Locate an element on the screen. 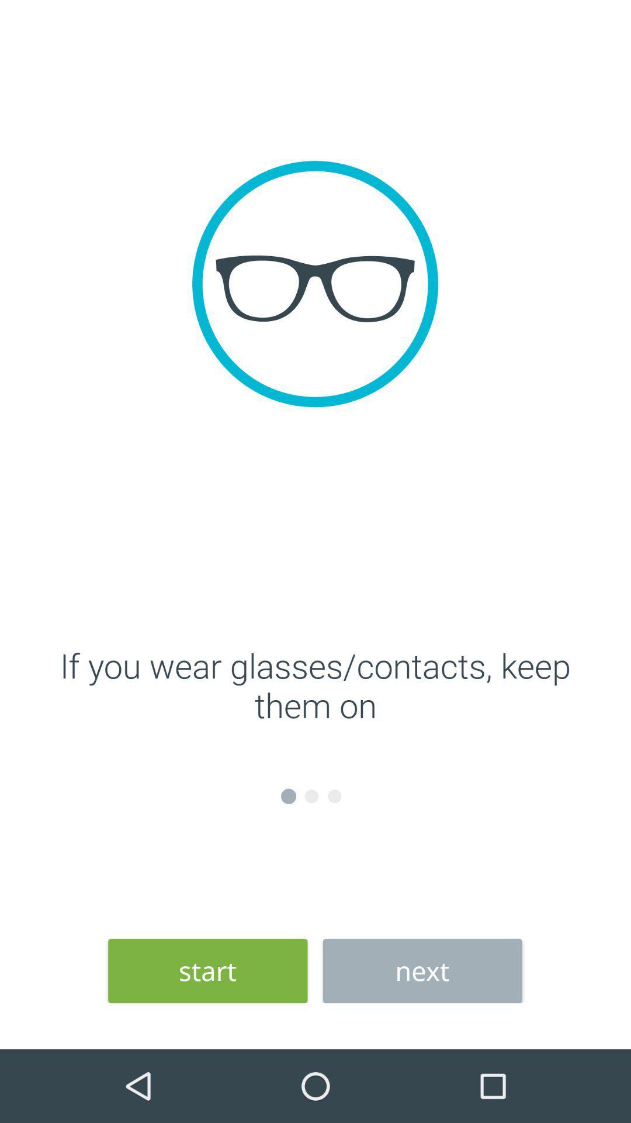  icon to the left of next is located at coordinates (207, 971).